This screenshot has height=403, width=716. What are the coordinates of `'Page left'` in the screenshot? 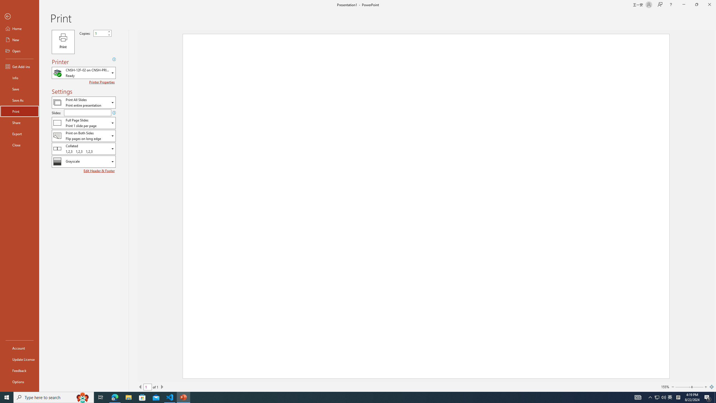 It's located at (683, 387).